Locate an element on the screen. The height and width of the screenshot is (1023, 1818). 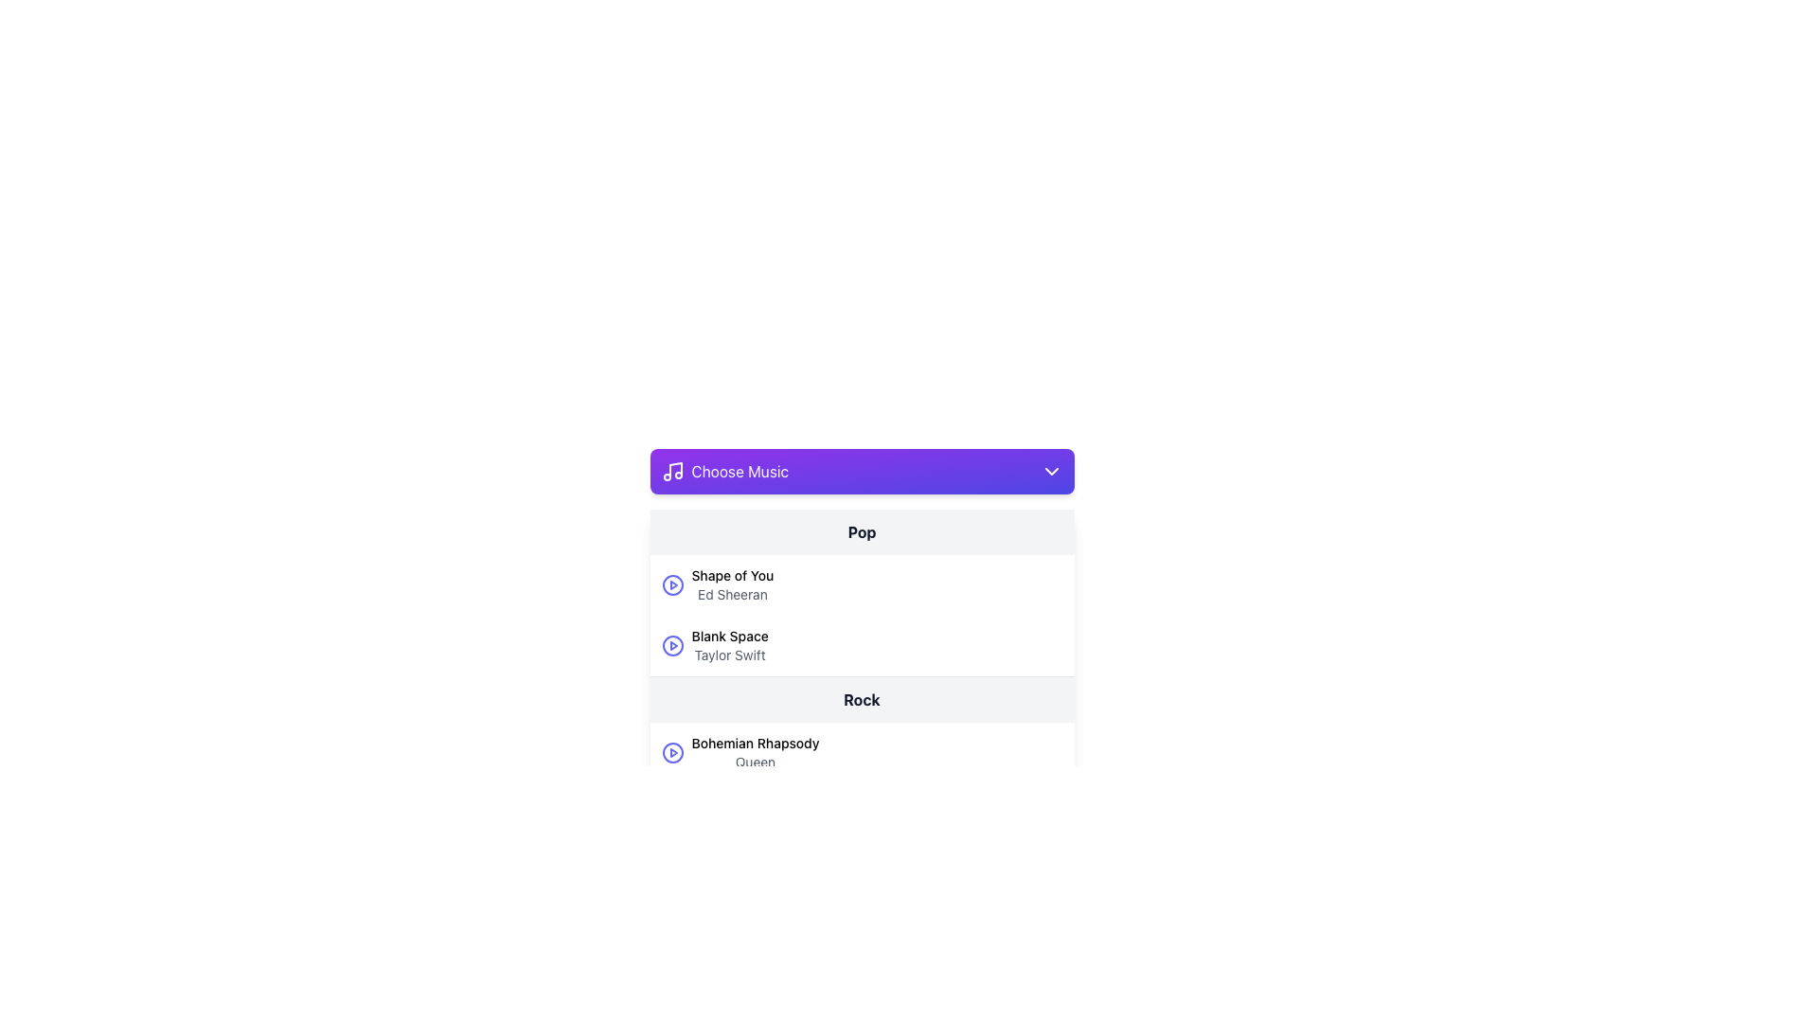
the downward-pointing chevron icon on the far right of the 'Choose Music' bar is located at coordinates (1050, 470).